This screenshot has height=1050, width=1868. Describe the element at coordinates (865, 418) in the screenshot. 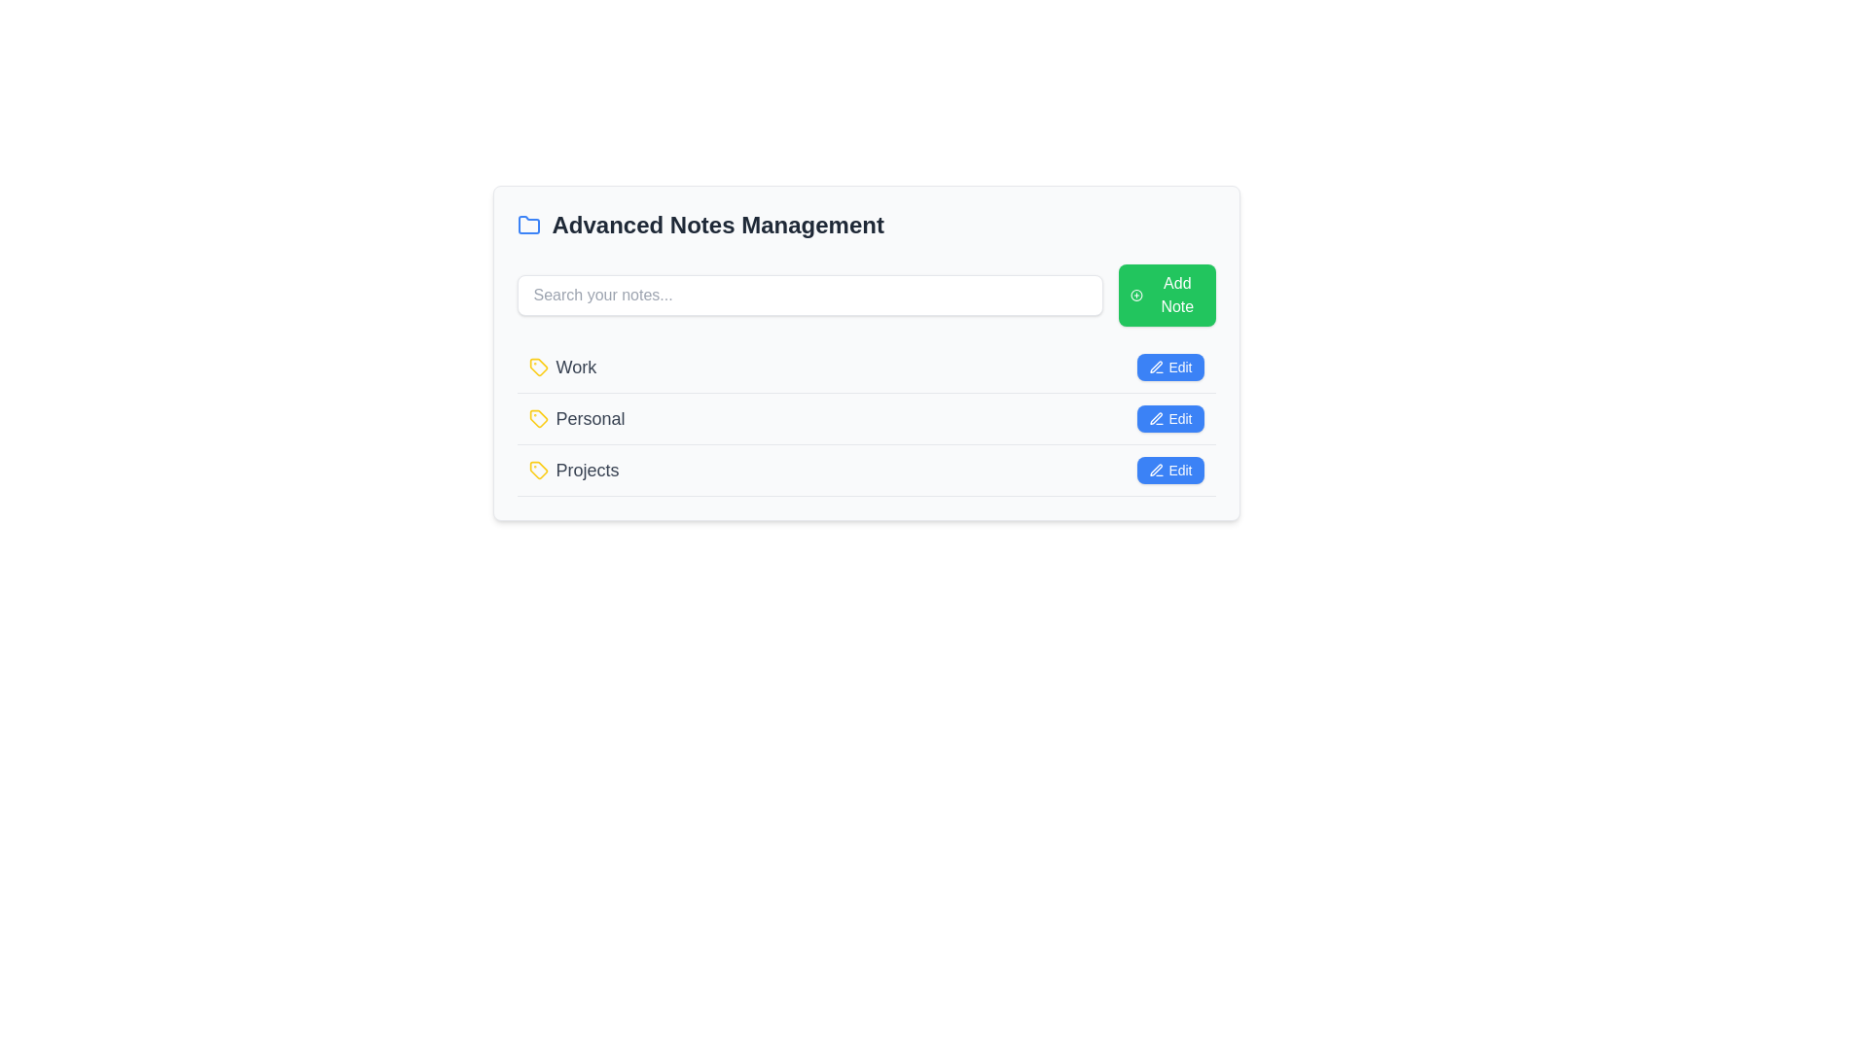

I see `the row labeled 'Personal' in the list under 'Advanced Notes Management'` at that location.